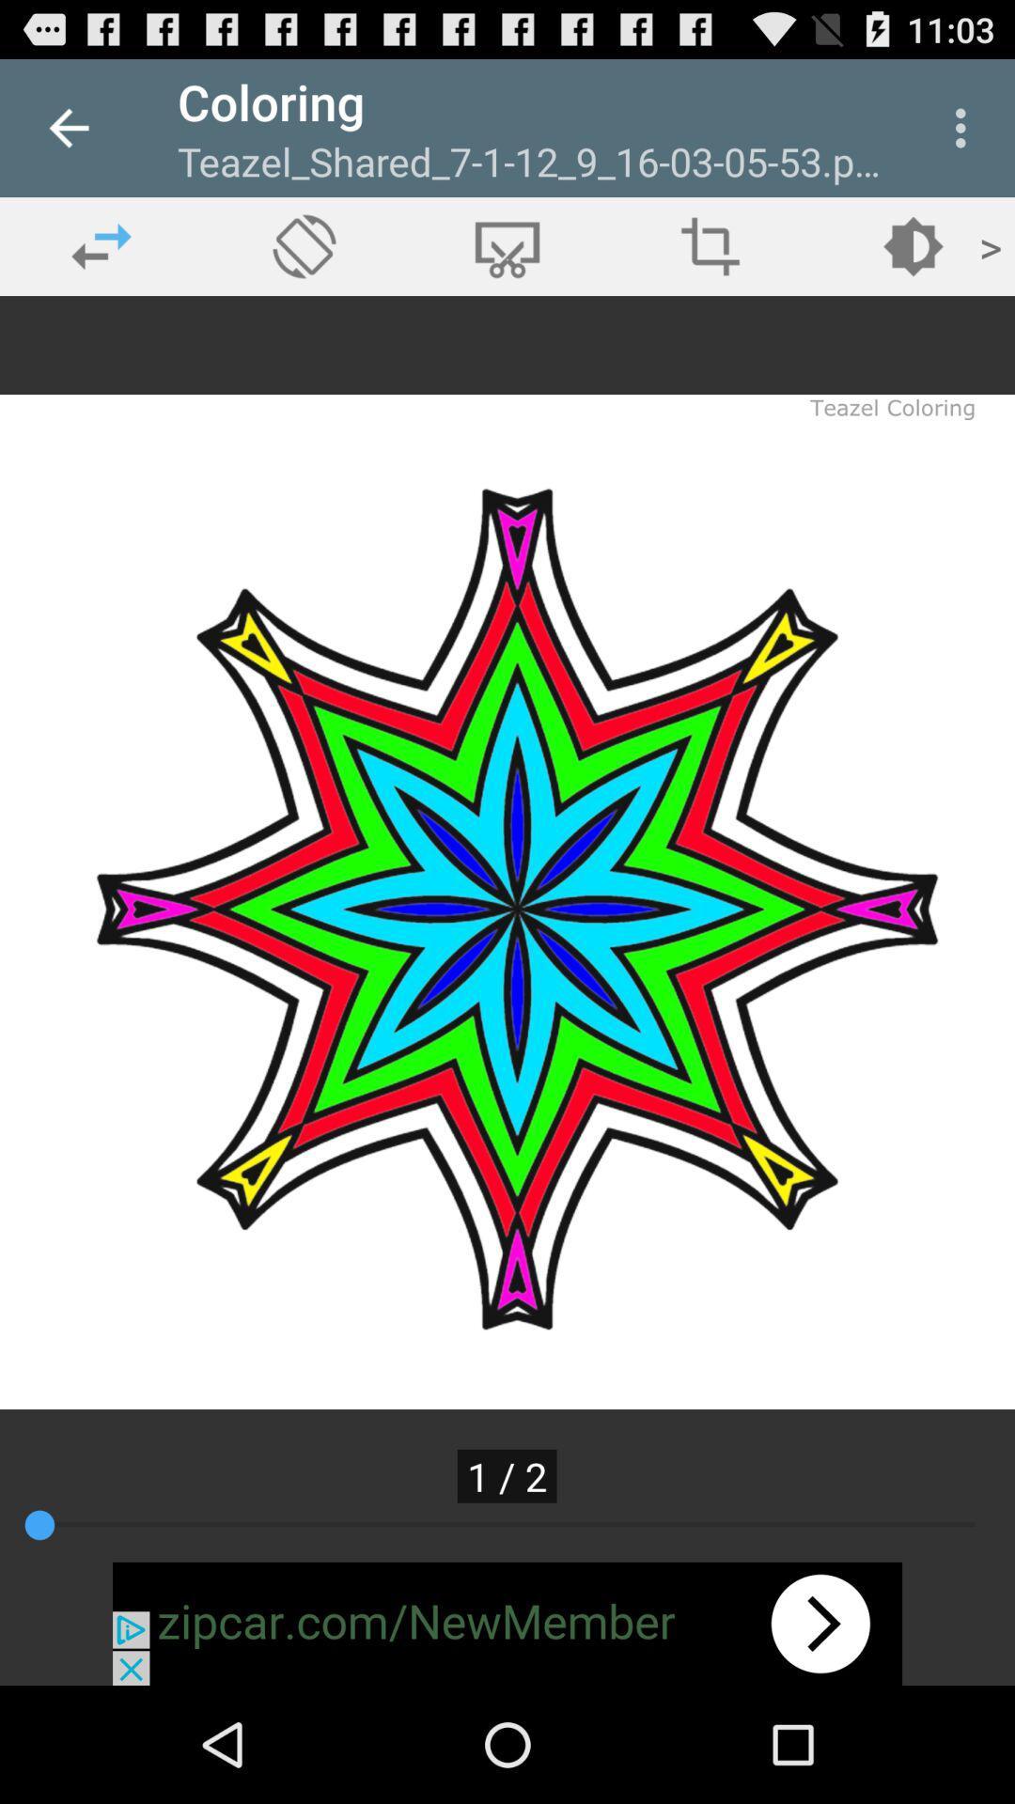 Image resolution: width=1015 pixels, height=1804 pixels. Describe the element at coordinates (507, 1623) in the screenshot. I see `access advertisement` at that location.